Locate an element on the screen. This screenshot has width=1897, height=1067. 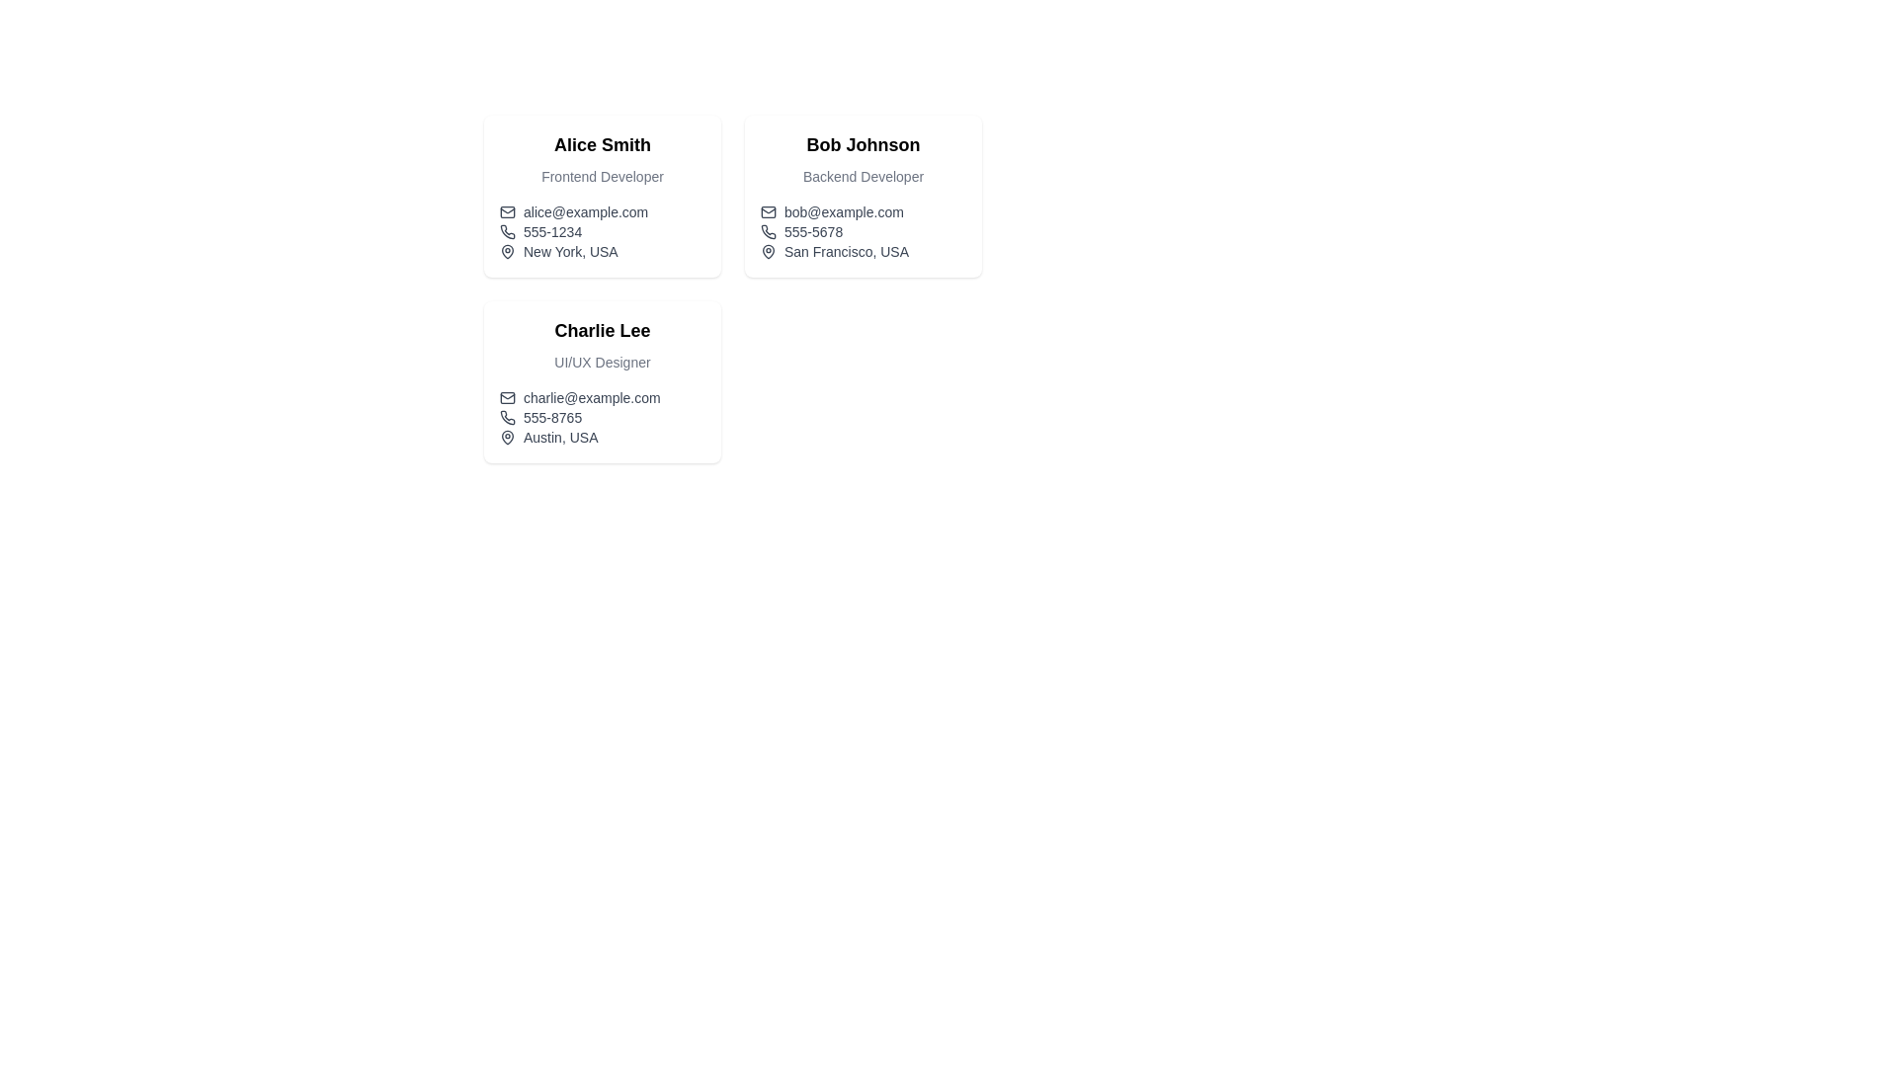
the icon representing the contact's phone number, located at the leftmost side of the '555-1234' text block within Alice Smith's contact details card is located at coordinates (507, 231).